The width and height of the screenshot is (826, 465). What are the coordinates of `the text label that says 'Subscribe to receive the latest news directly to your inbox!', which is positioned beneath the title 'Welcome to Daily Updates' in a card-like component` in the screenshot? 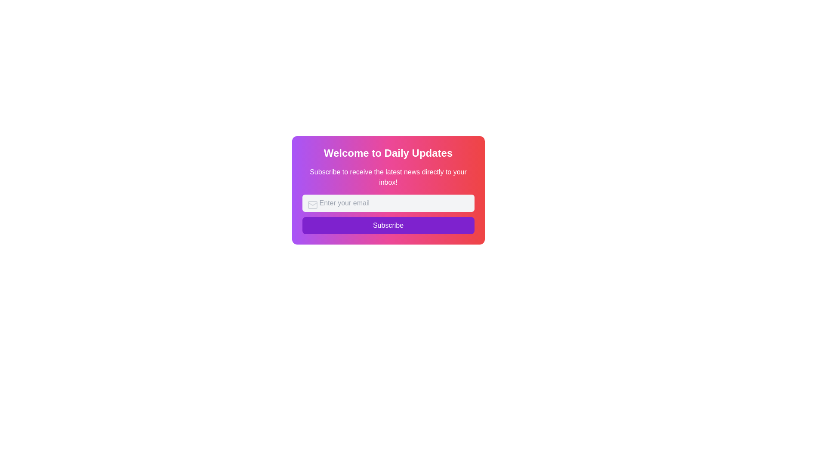 It's located at (388, 177).